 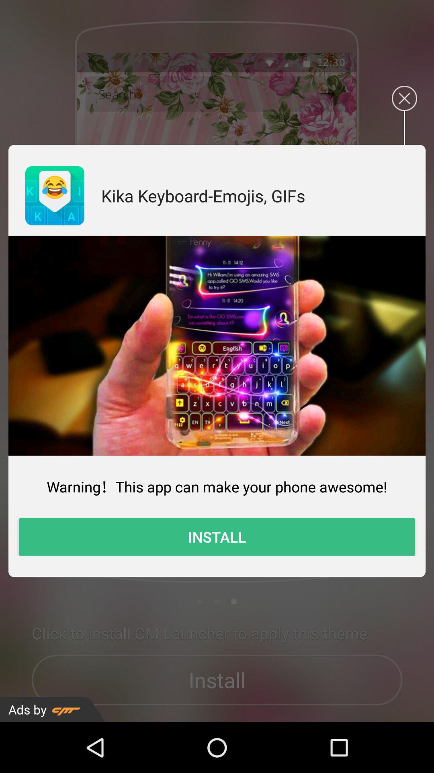 What do you see at coordinates (203, 195) in the screenshot?
I see `the item at the top` at bounding box center [203, 195].